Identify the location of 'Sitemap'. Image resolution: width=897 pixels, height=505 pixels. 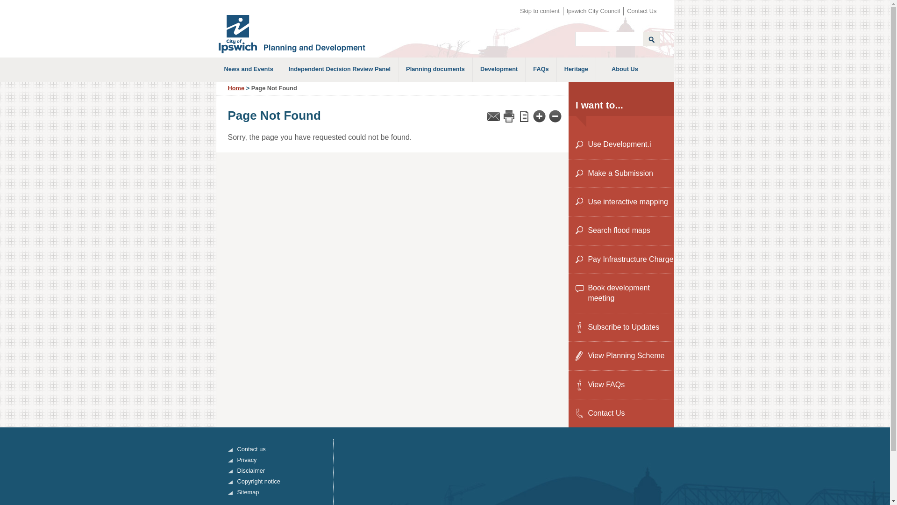
(237, 492).